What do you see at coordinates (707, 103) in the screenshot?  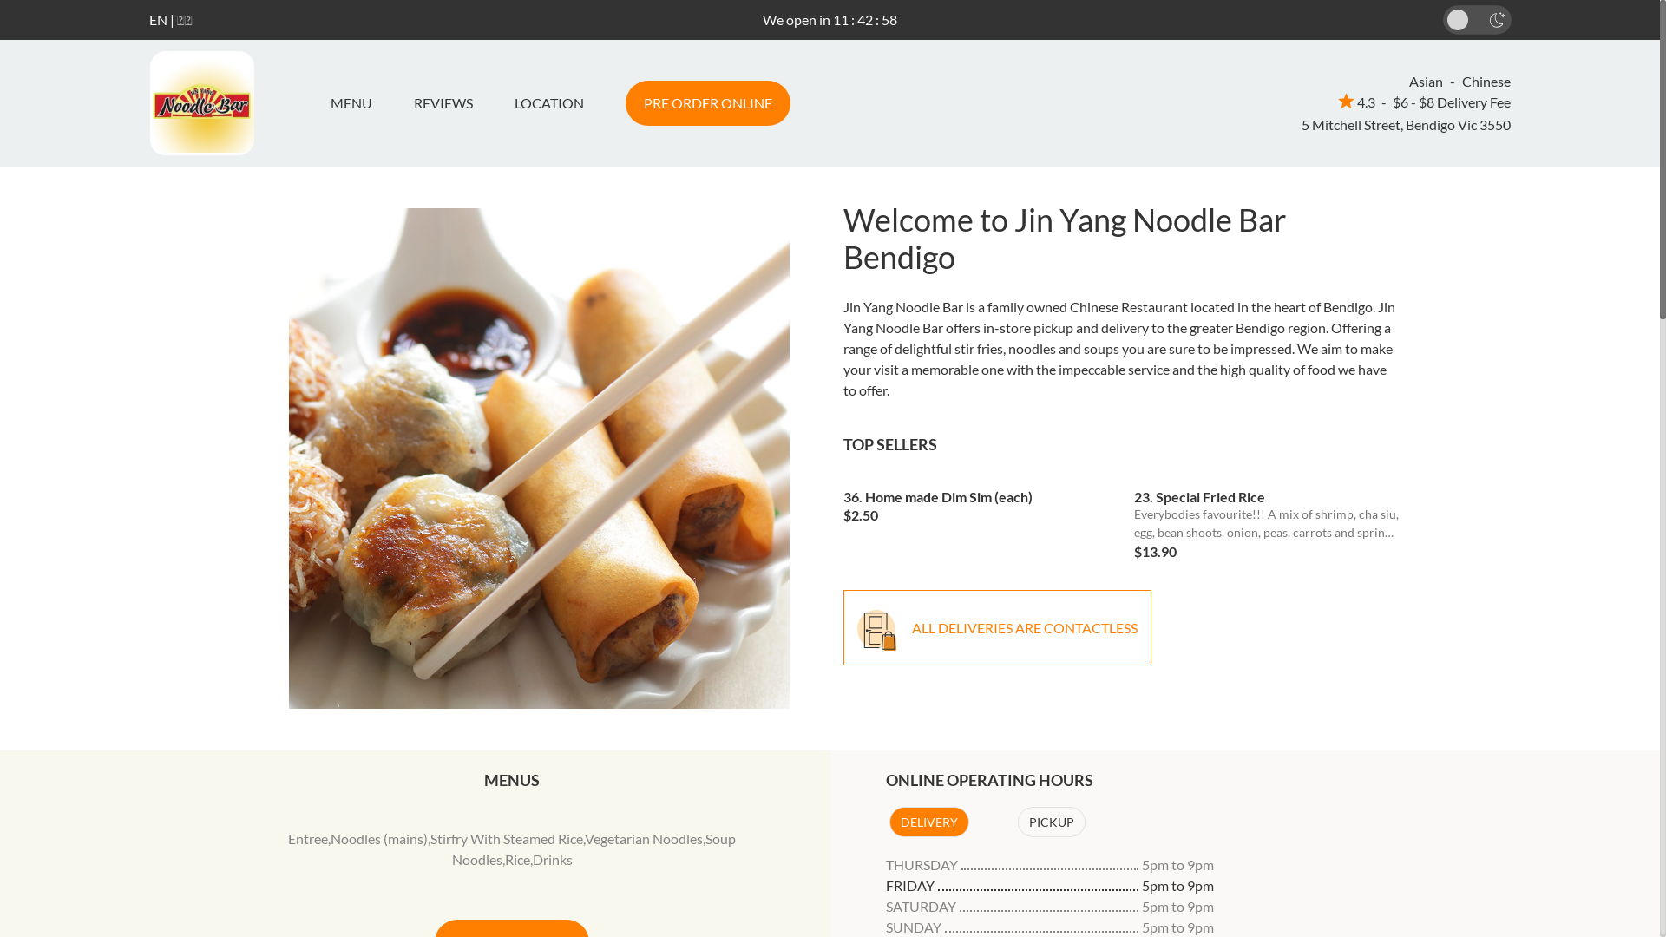 I see `'PRE ORDER ONLINE'` at bounding box center [707, 103].